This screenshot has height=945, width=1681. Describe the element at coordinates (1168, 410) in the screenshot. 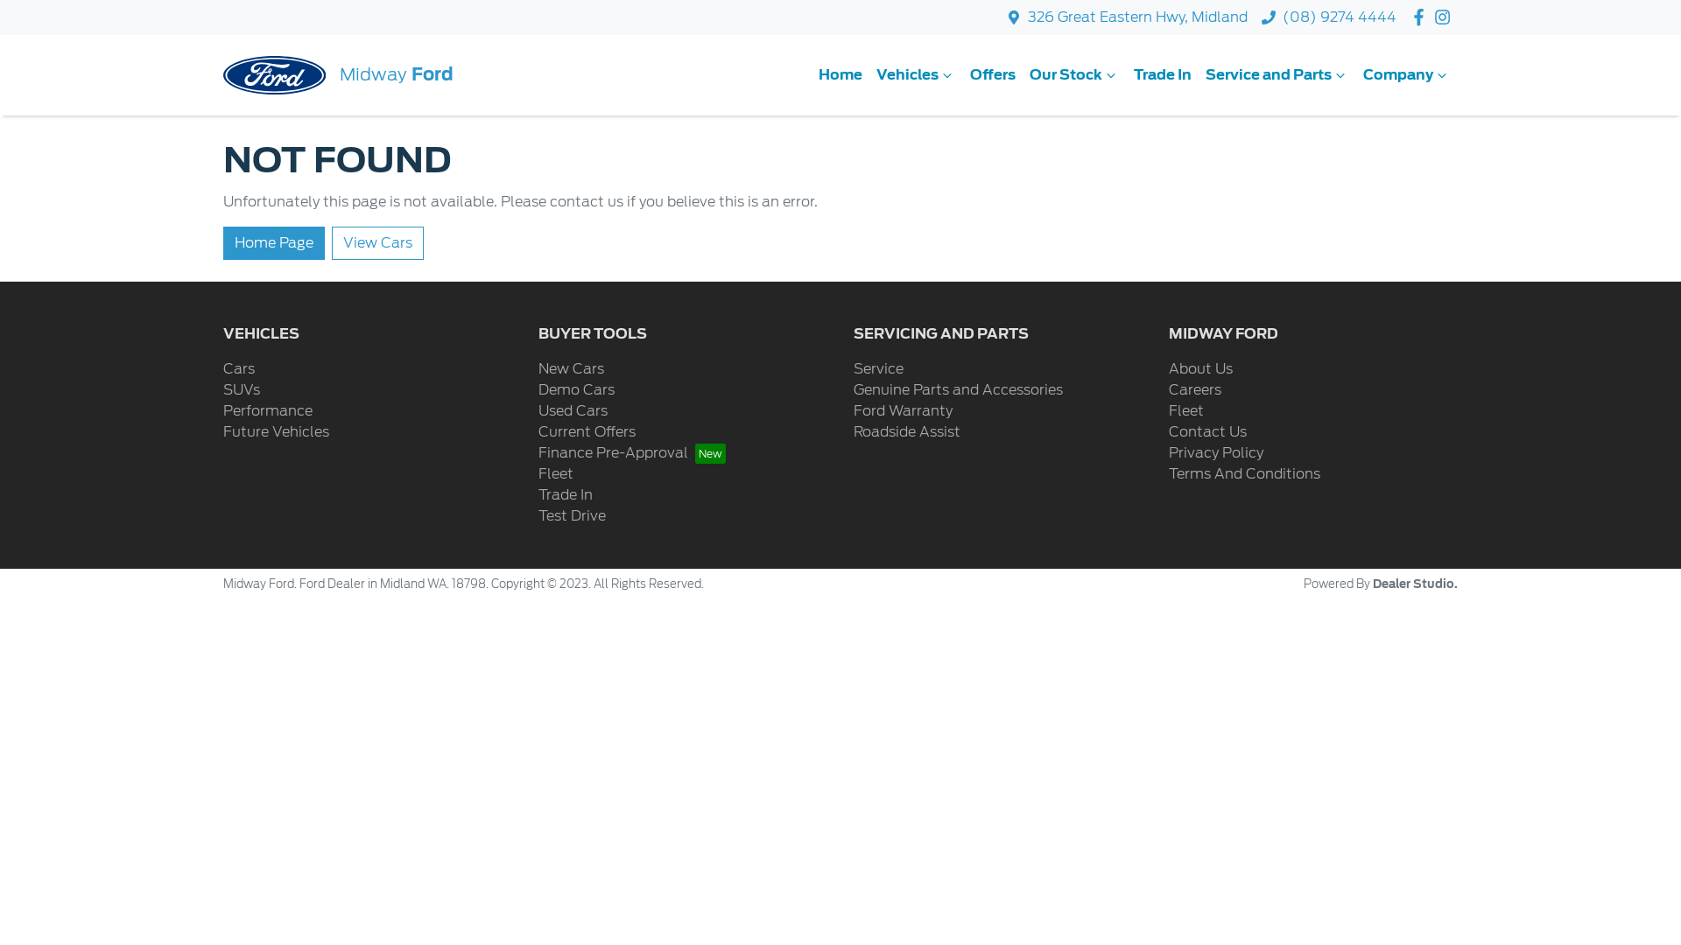

I see `'Fleet'` at that location.